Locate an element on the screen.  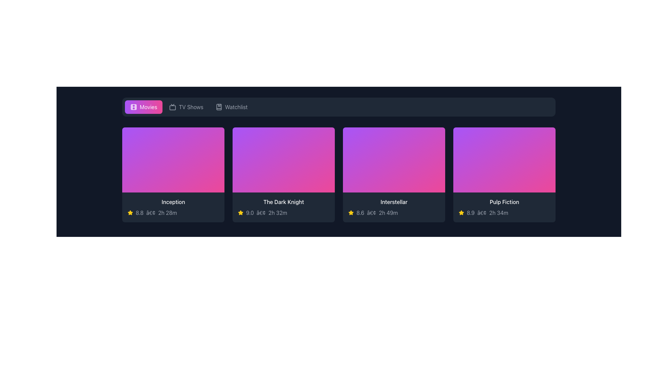
rating and duration information displayed in the text with an icon located at the bottom-right corner of the 'Pulp Fiction' card, just below the title text is located at coordinates (504, 212).